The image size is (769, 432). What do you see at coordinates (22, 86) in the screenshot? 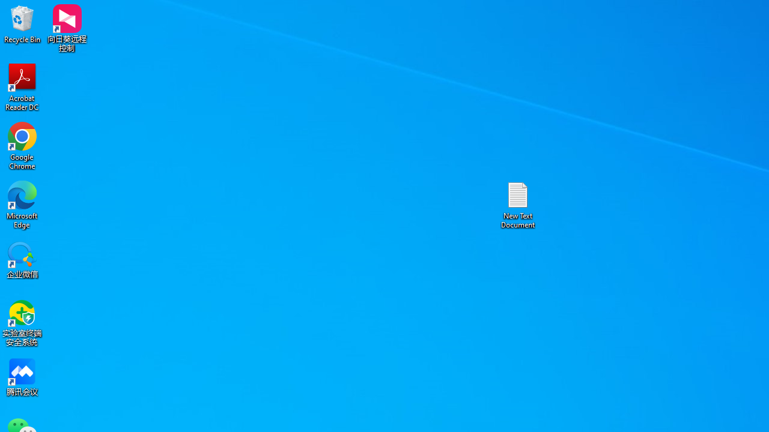
I see `'Acrobat Reader DC'` at bounding box center [22, 86].